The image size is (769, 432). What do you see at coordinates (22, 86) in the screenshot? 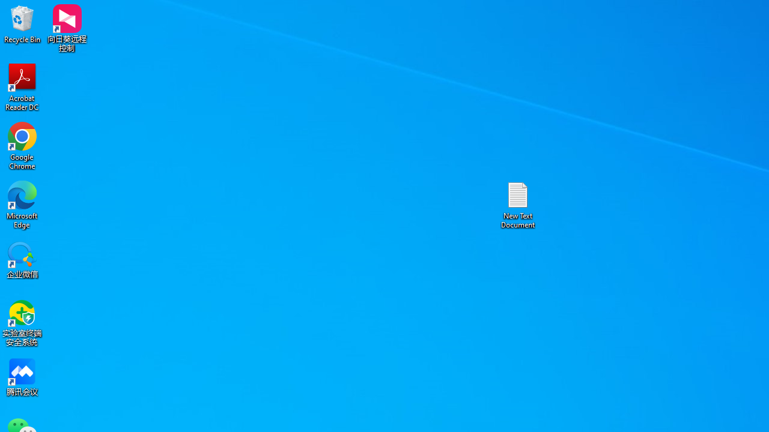
I see `'Acrobat Reader DC'` at bounding box center [22, 86].